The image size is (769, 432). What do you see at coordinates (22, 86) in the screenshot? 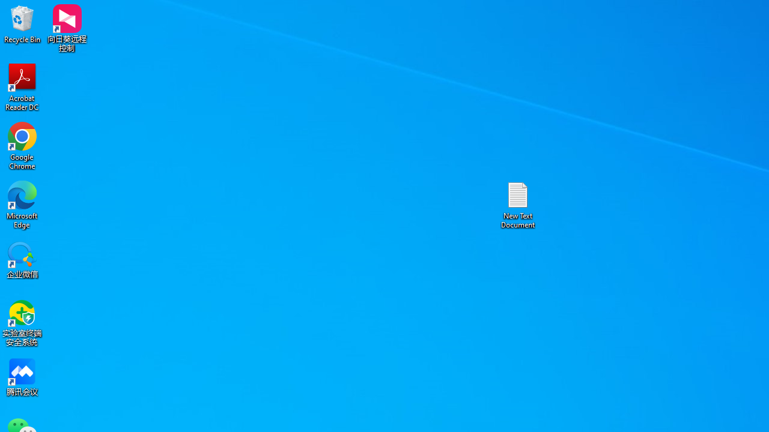
I see `'Acrobat Reader DC'` at bounding box center [22, 86].